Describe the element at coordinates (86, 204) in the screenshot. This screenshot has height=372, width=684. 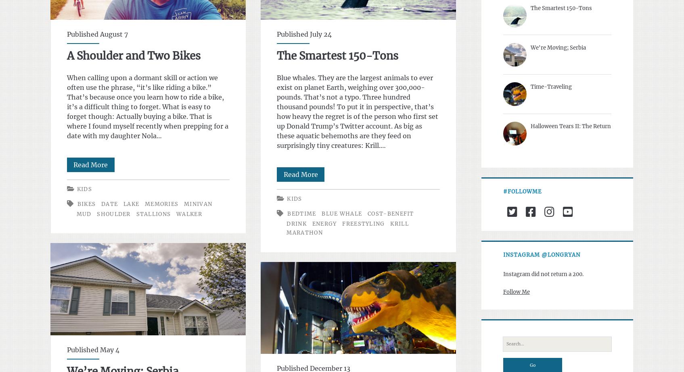
I see `'bikes'` at that location.